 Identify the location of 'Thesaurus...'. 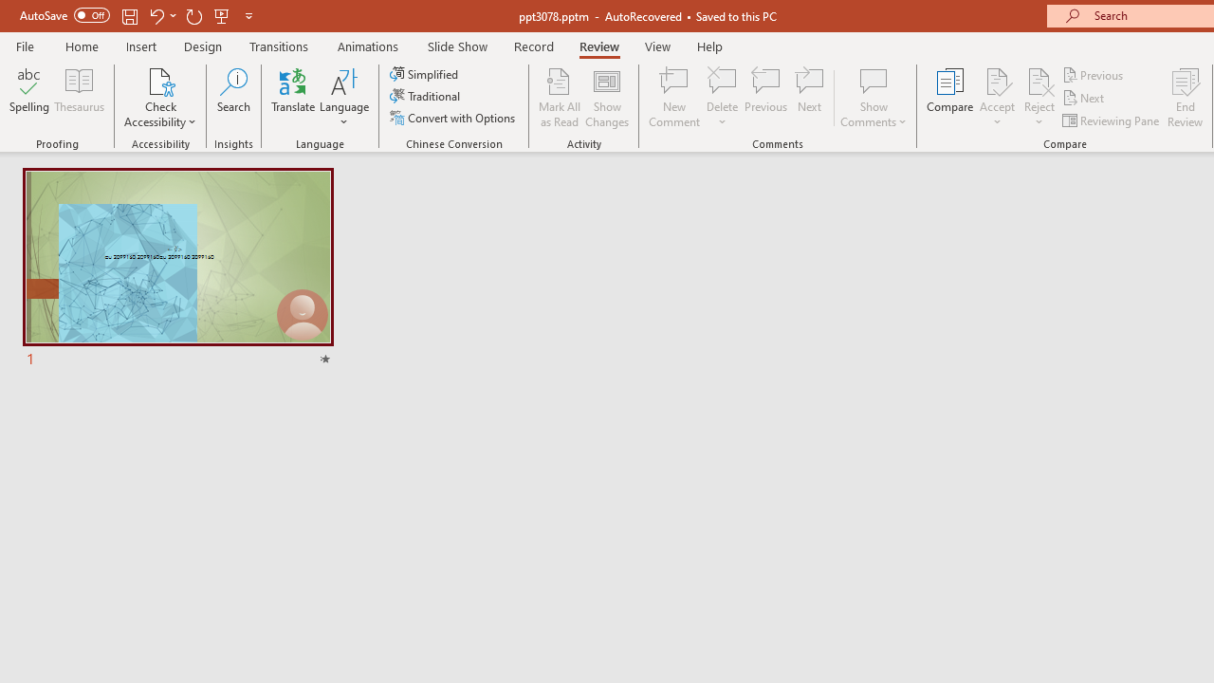
(78, 98).